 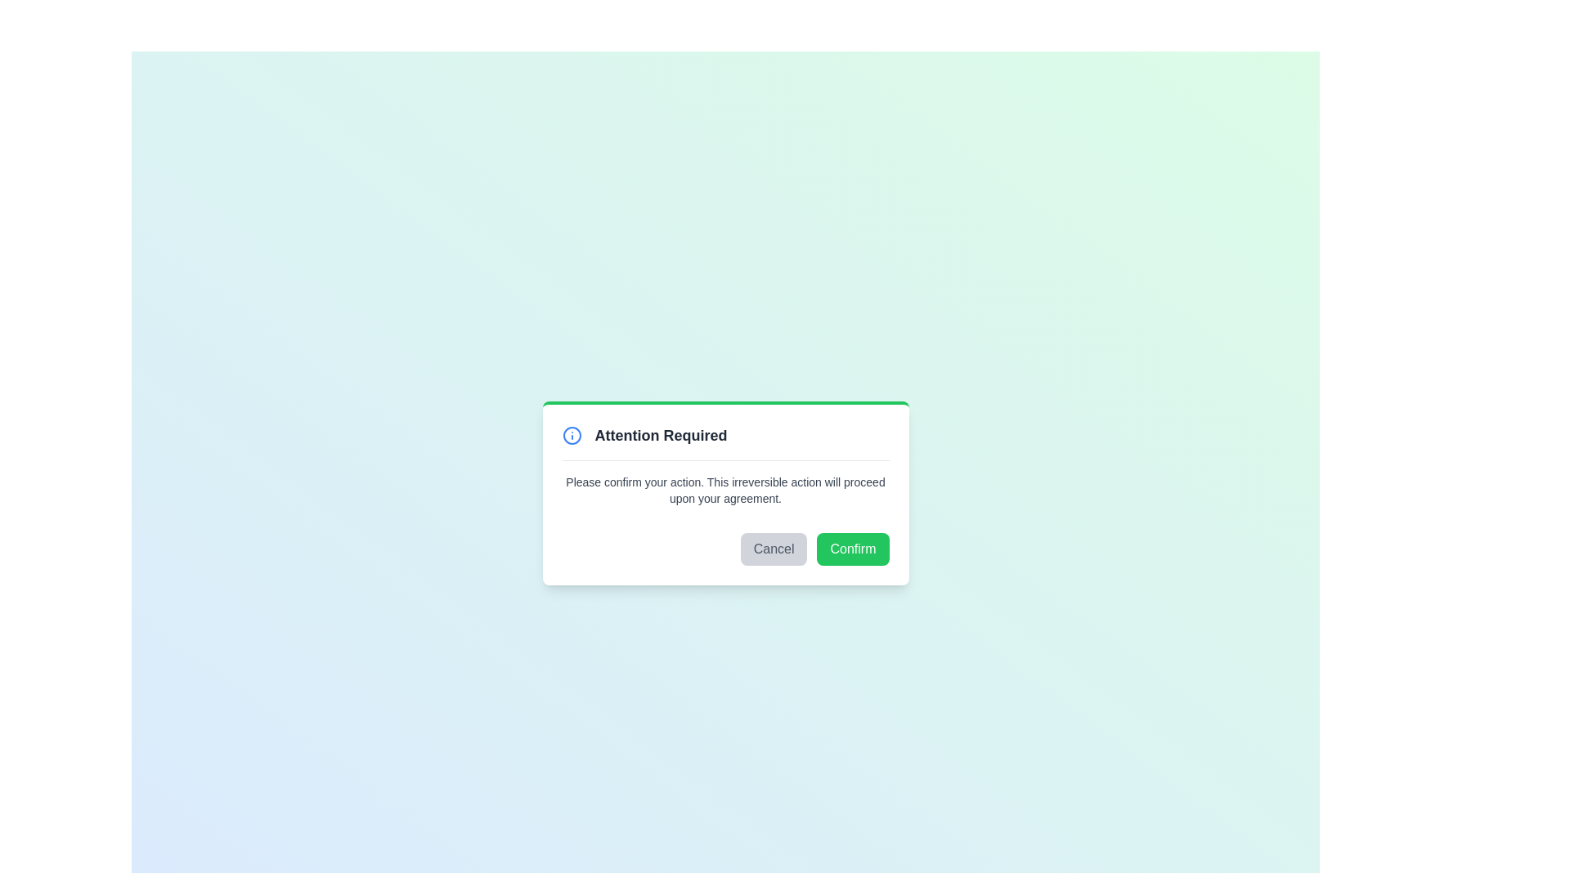 What do you see at coordinates (724, 549) in the screenshot?
I see `the button group at the bottom right of the modal to either 'Cancel' or 'Confirm' the action` at bounding box center [724, 549].